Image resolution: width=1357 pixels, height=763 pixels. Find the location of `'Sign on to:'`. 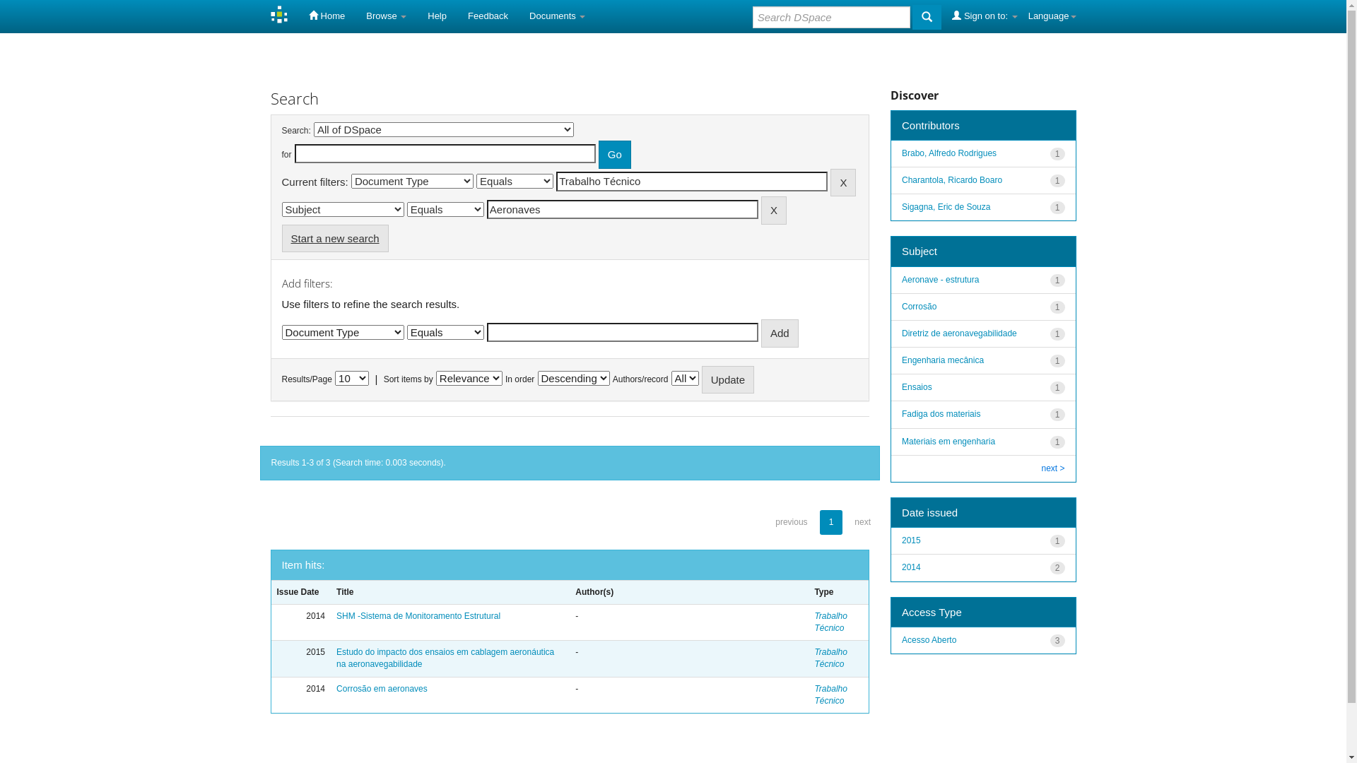

'Sign on to:' is located at coordinates (983, 16).